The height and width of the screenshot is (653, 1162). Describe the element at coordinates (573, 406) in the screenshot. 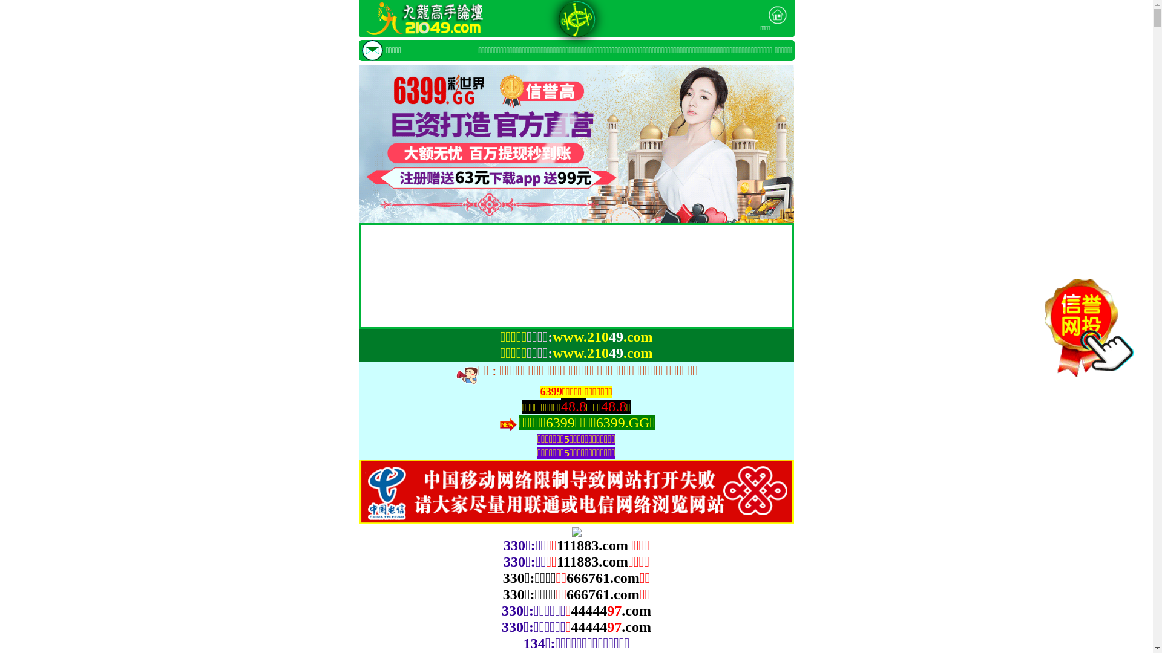

I see `'48.8'` at that location.